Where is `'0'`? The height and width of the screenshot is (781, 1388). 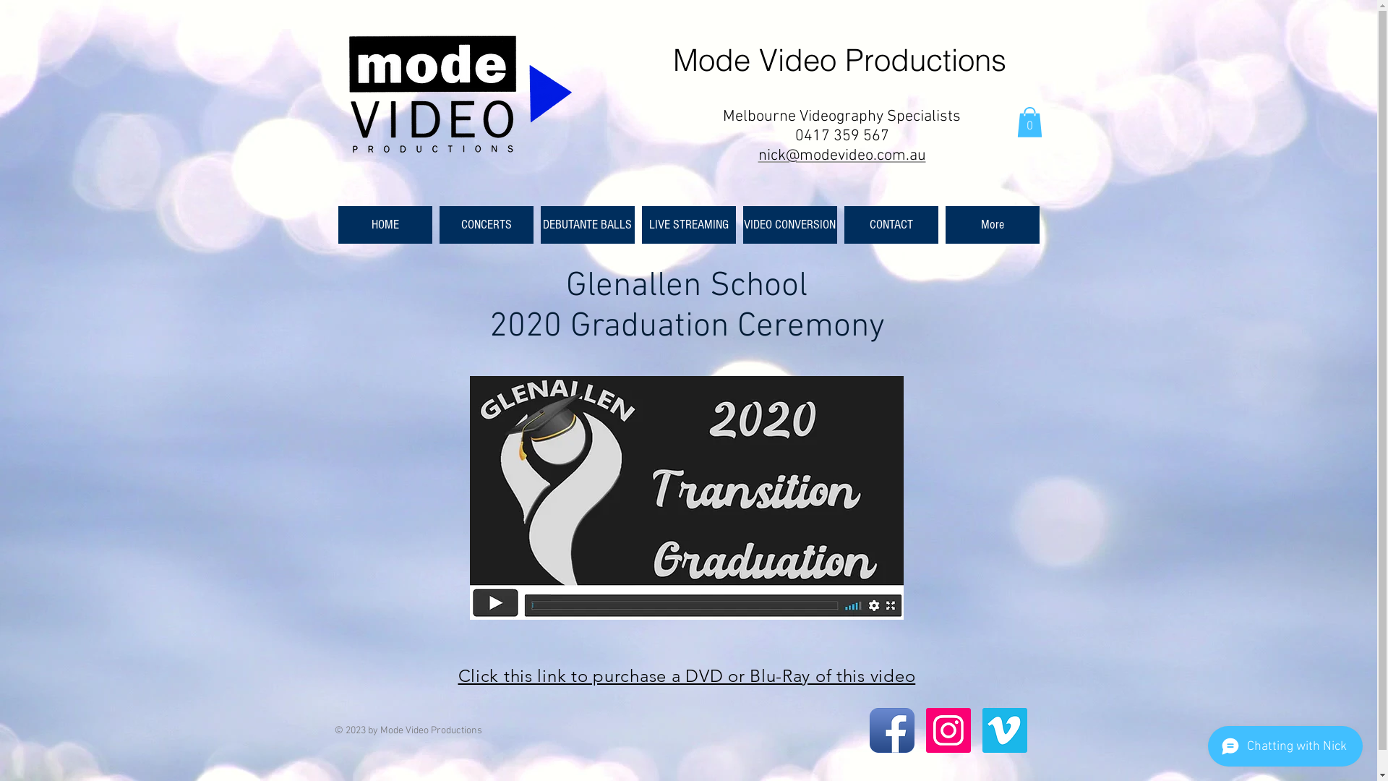
'0' is located at coordinates (1028, 121).